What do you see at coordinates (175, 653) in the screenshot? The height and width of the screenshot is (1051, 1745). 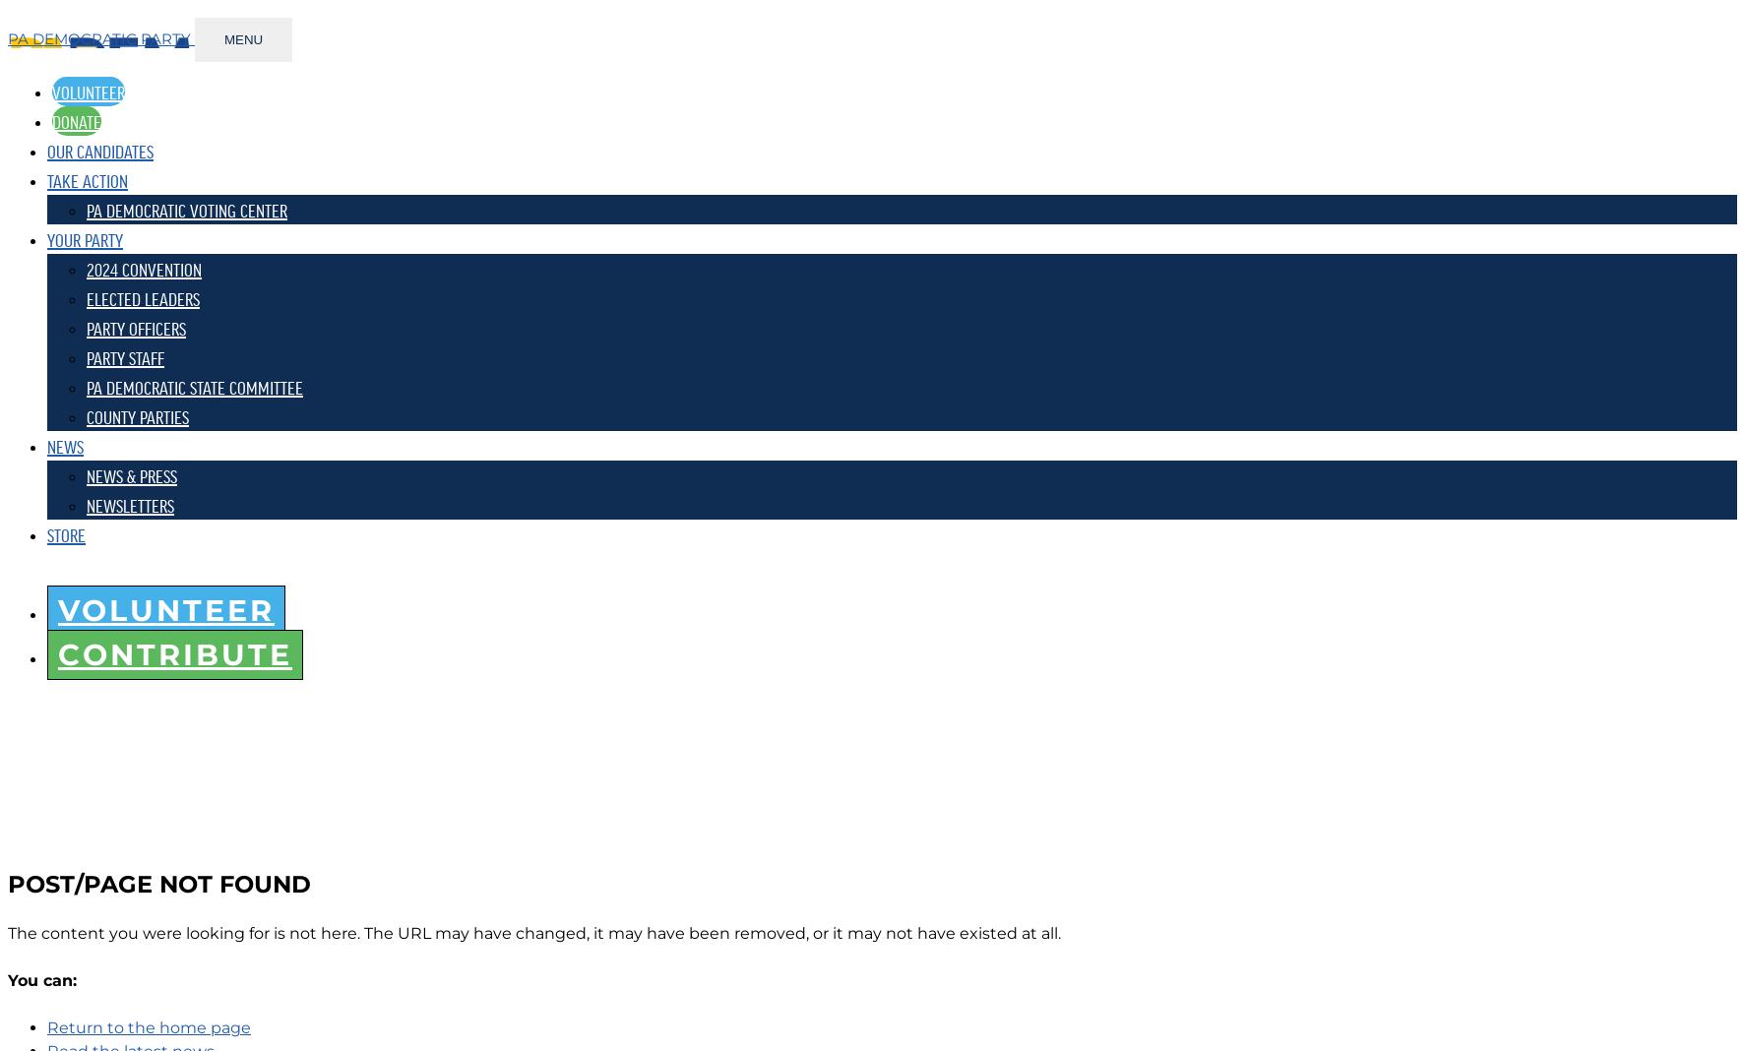 I see `'Contribute'` at bounding box center [175, 653].